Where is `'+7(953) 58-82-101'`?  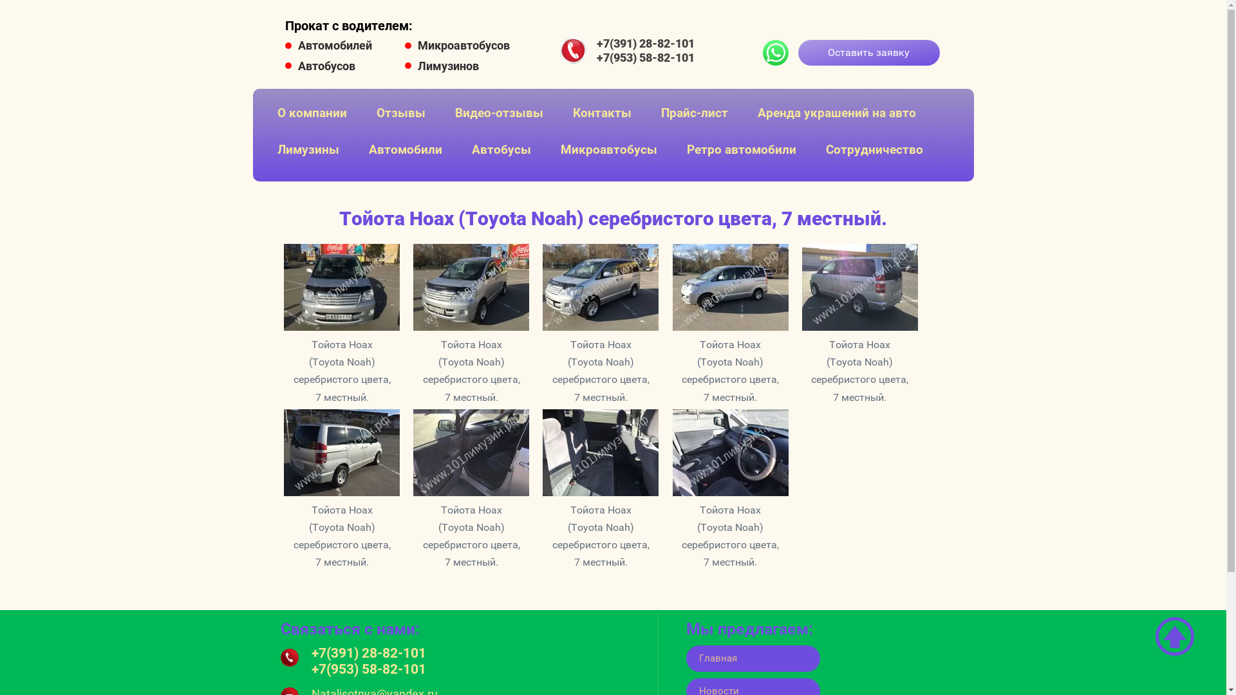
'+7(953) 58-82-101' is located at coordinates (646, 57).